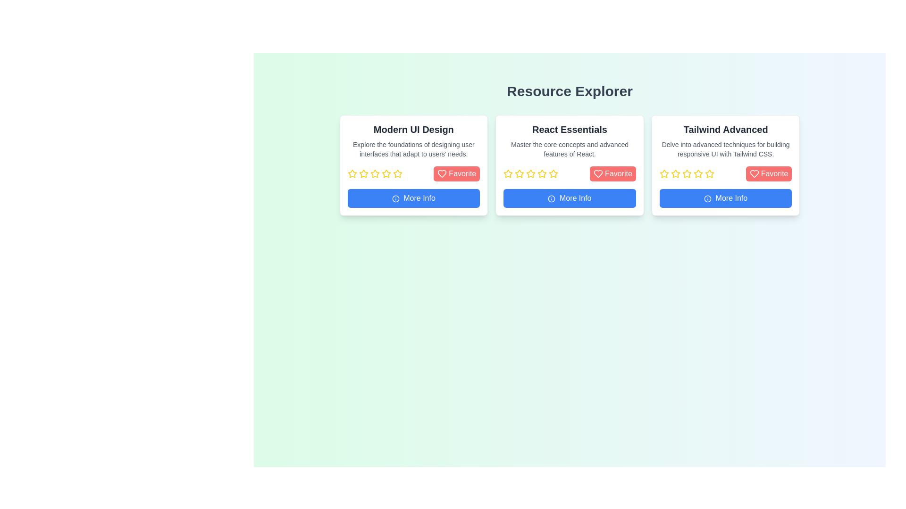 Image resolution: width=906 pixels, height=509 pixels. What do you see at coordinates (542, 173) in the screenshot?
I see `the third star icon` at bounding box center [542, 173].